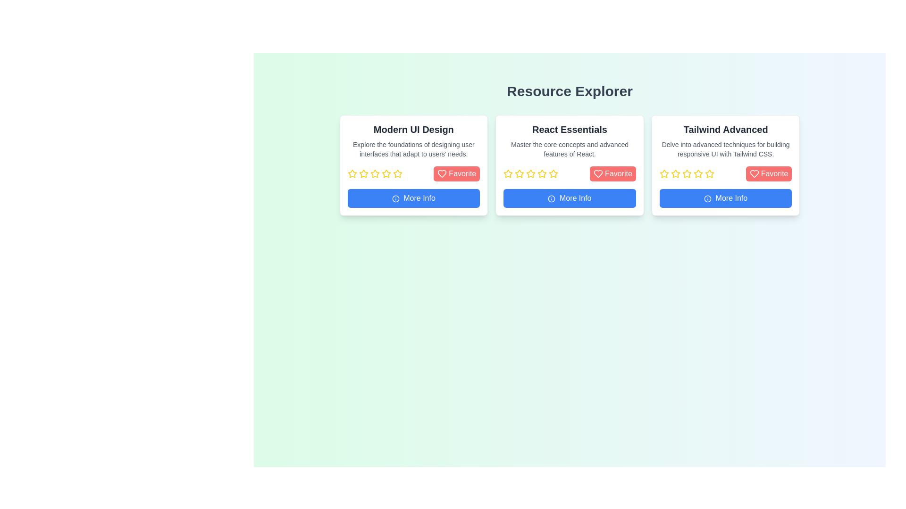 Image resolution: width=906 pixels, height=509 pixels. What do you see at coordinates (542, 173) in the screenshot?
I see `the third star icon` at bounding box center [542, 173].